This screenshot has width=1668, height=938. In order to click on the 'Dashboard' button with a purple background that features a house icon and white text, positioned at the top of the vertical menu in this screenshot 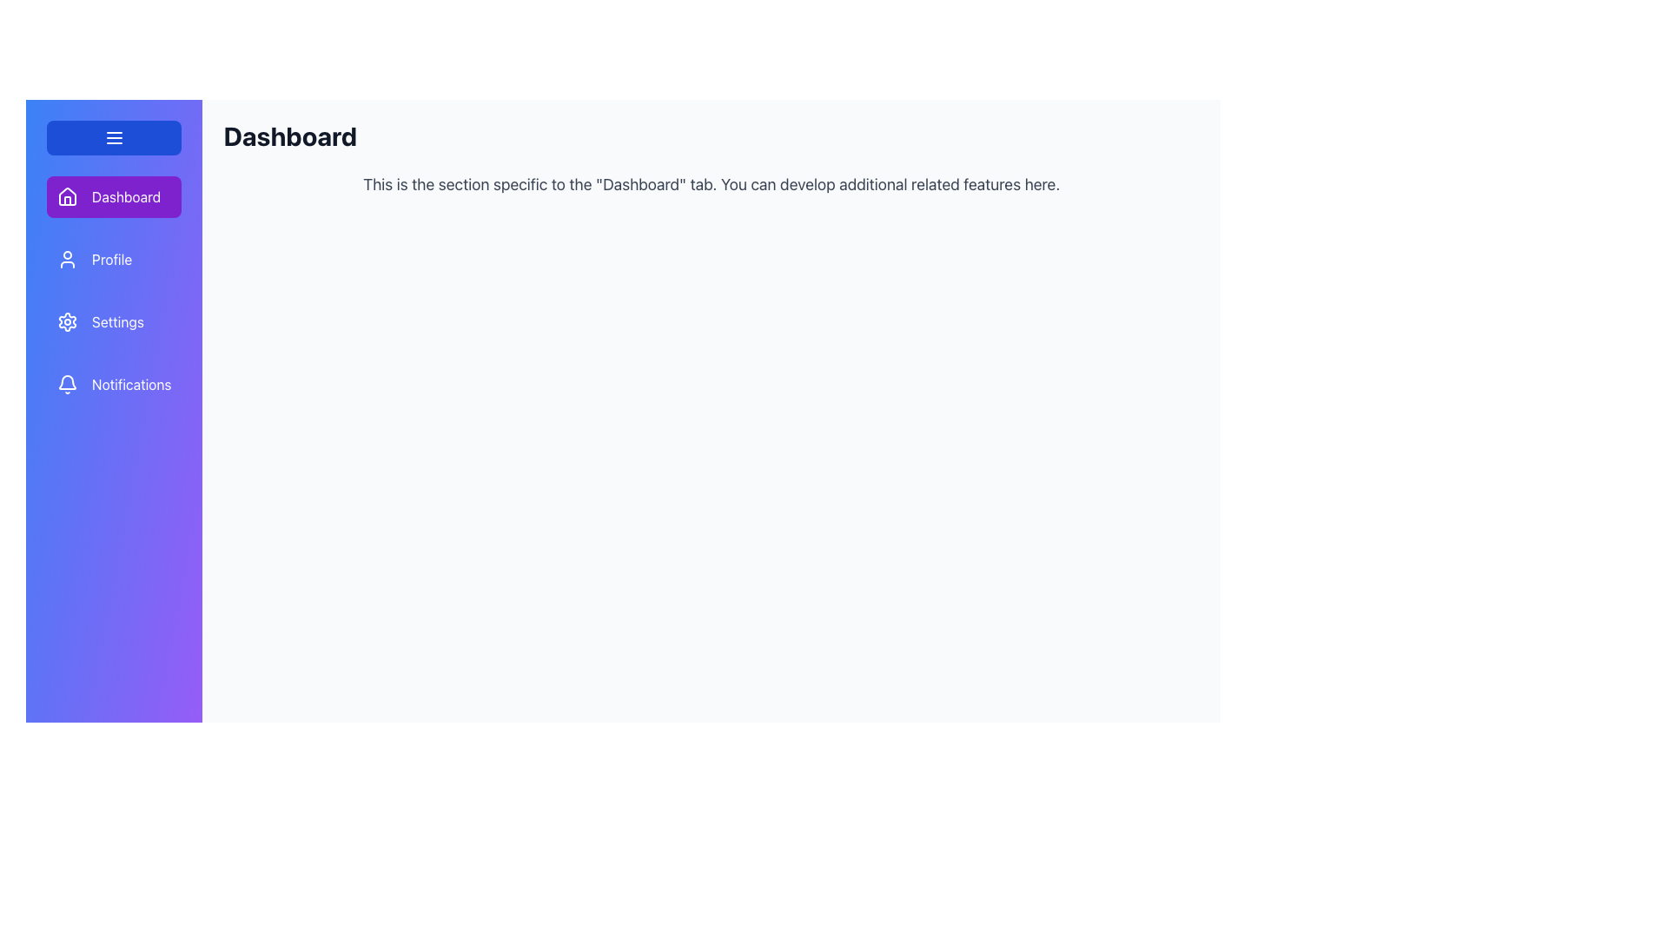, I will do `click(113, 196)`.